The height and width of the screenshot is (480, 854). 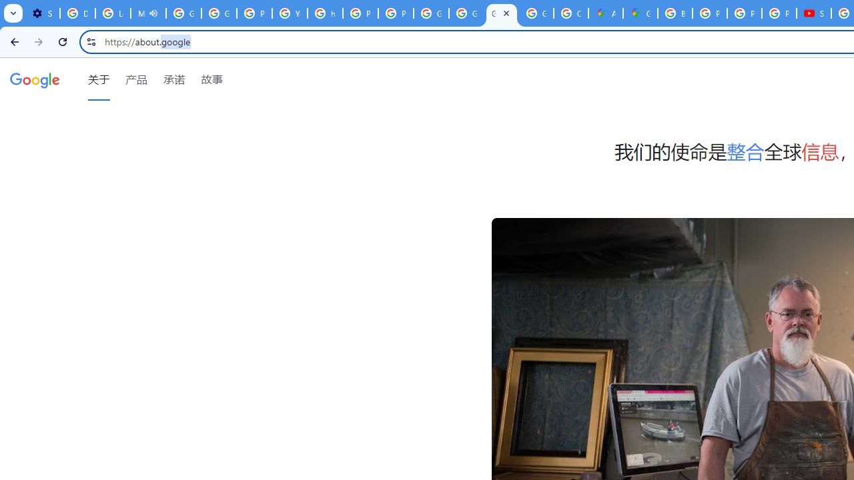 I want to click on 'Privacy Help Center - Policies Help', so click(x=709, y=13).